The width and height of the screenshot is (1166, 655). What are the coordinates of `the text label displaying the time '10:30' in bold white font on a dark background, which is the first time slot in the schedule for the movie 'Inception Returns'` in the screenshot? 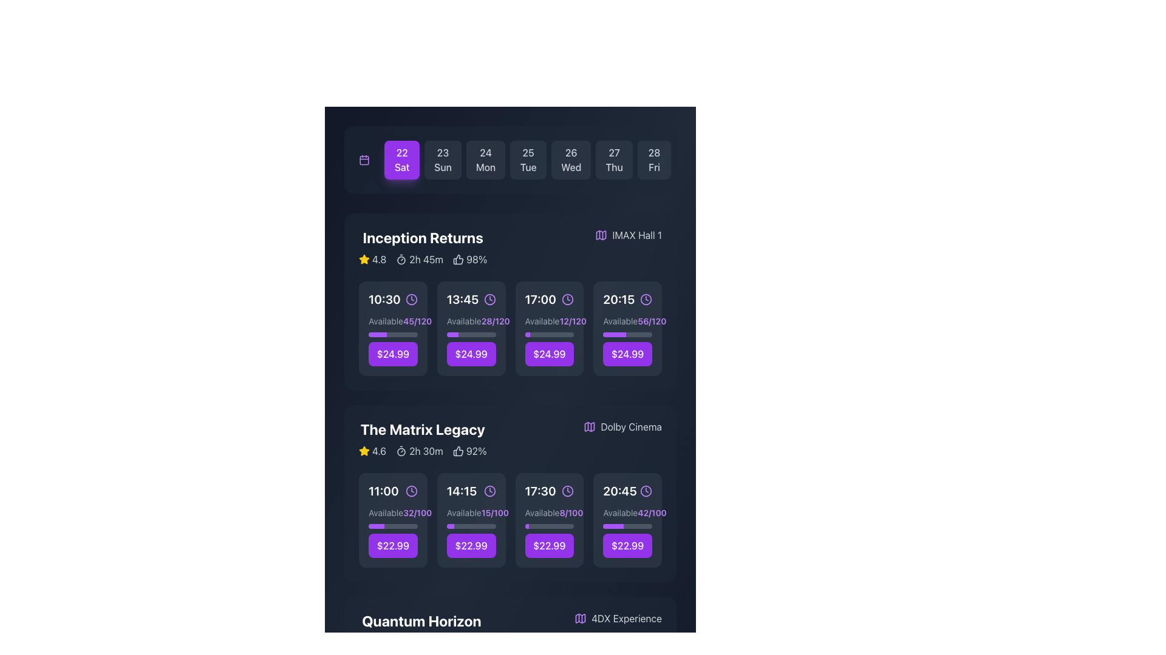 It's located at (384, 299).